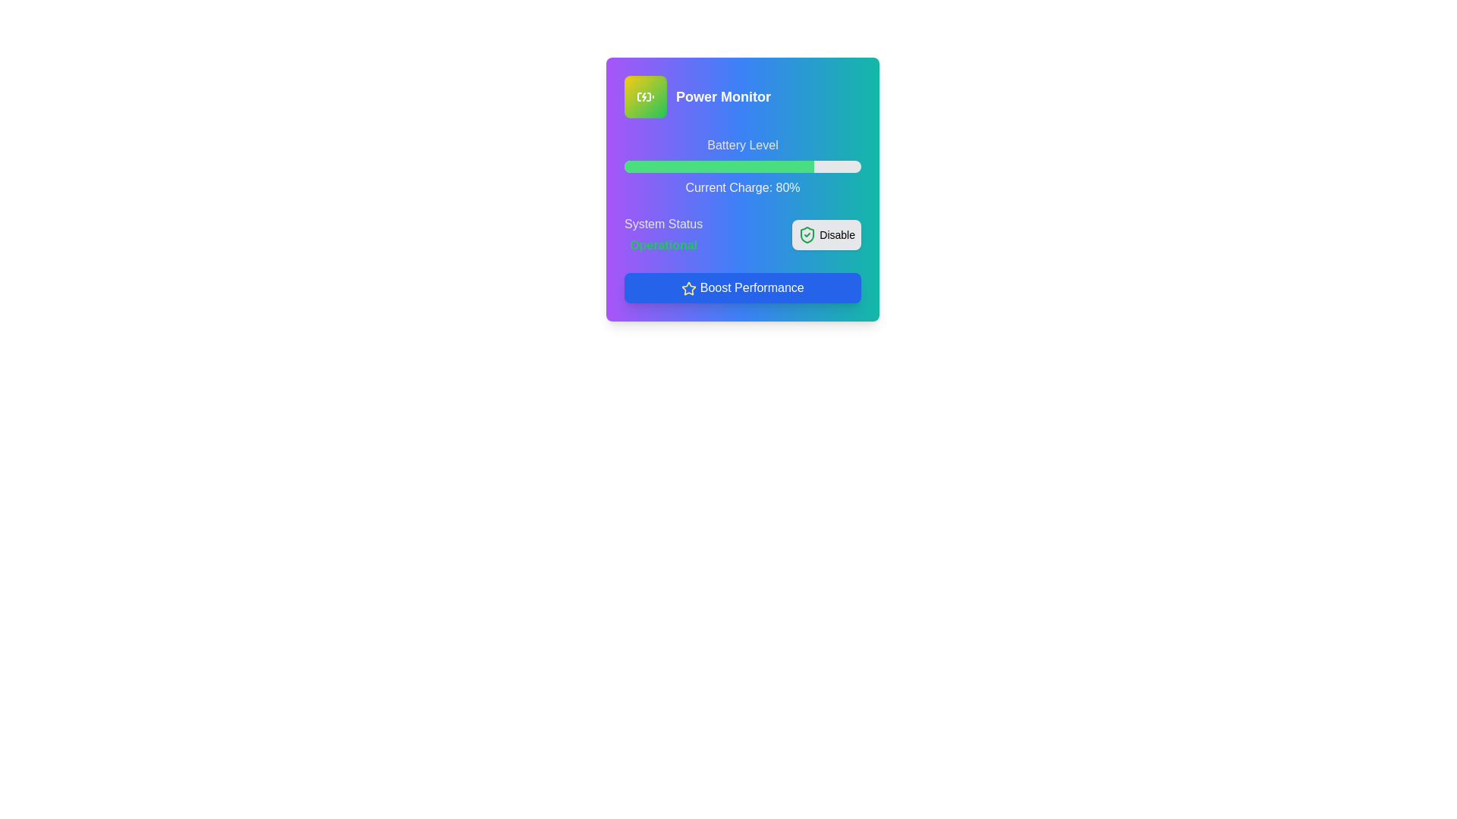 The image size is (1457, 819). What do you see at coordinates (648, 96) in the screenshot?
I see `the thin vertical segment of the battery icon located in the 'Power Monitor' interface at the top-left corner` at bounding box center [648, 96].